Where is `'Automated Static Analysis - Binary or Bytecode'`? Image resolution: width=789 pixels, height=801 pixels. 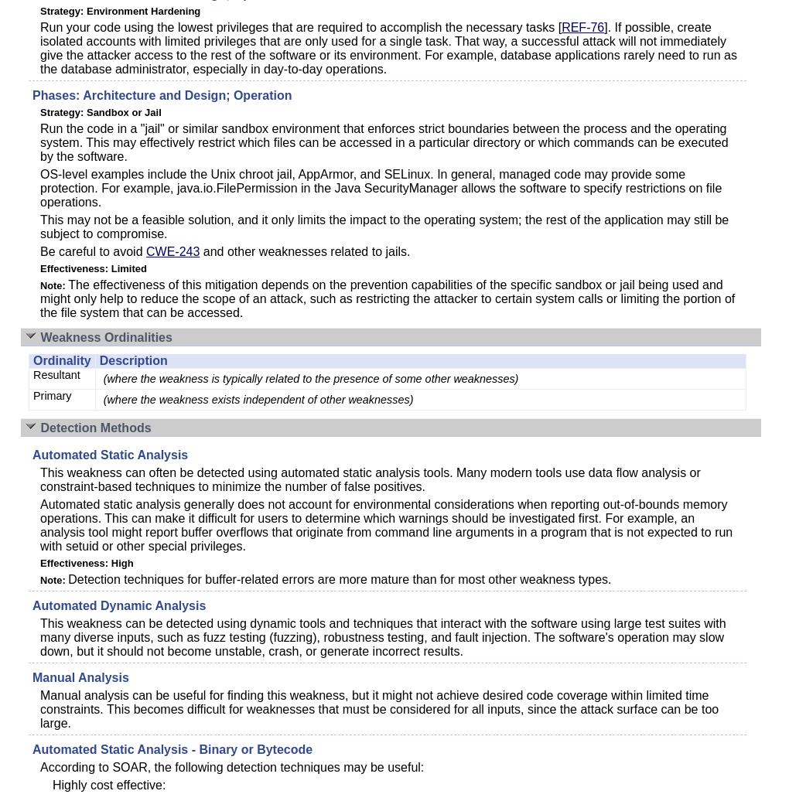
'Automated Static Analysis - Binary or Bytecode' is located at coordinates (172, 749).